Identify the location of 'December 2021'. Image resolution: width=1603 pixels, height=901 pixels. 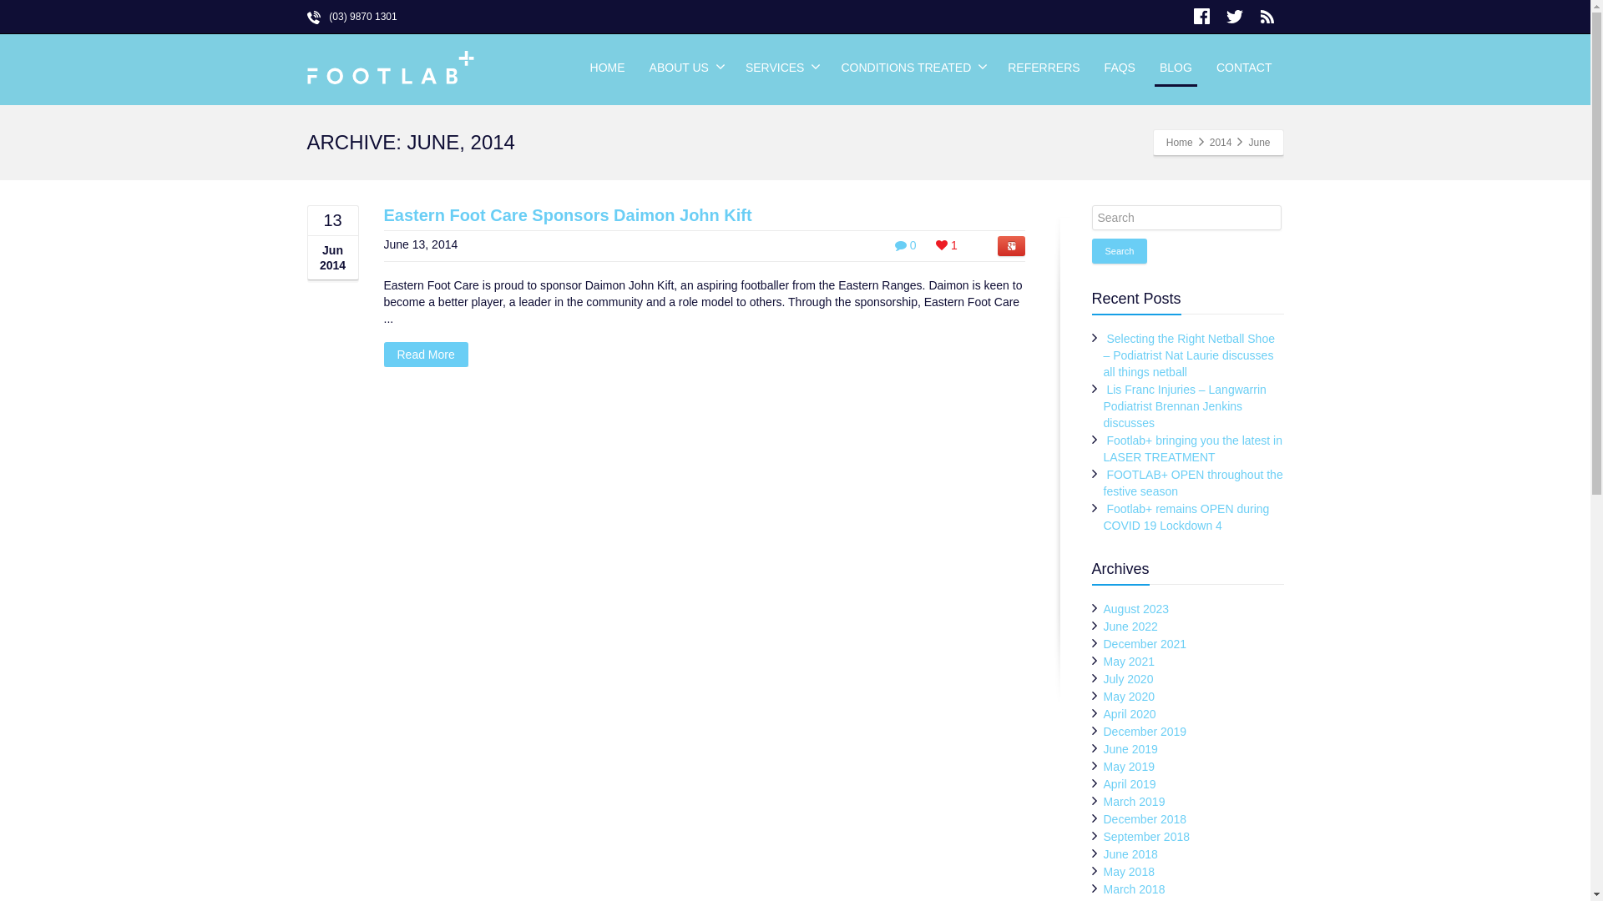
(1145, 642).